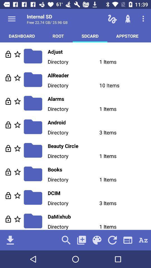  What do you see at coordinates (99, 122) in the screenshot?
I see `the icon above the directory icon` at bounding box center [99, 122].